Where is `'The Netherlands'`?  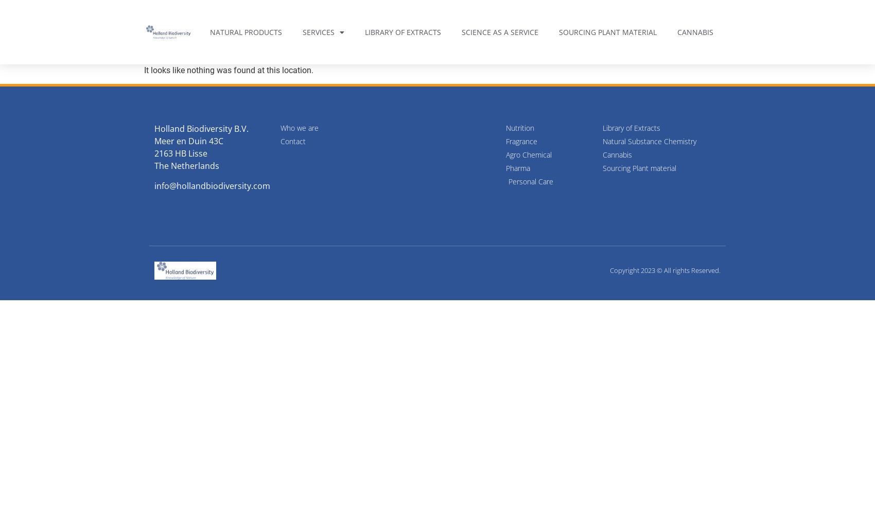
'The Netherlands' is located at coordinates (186, 165).